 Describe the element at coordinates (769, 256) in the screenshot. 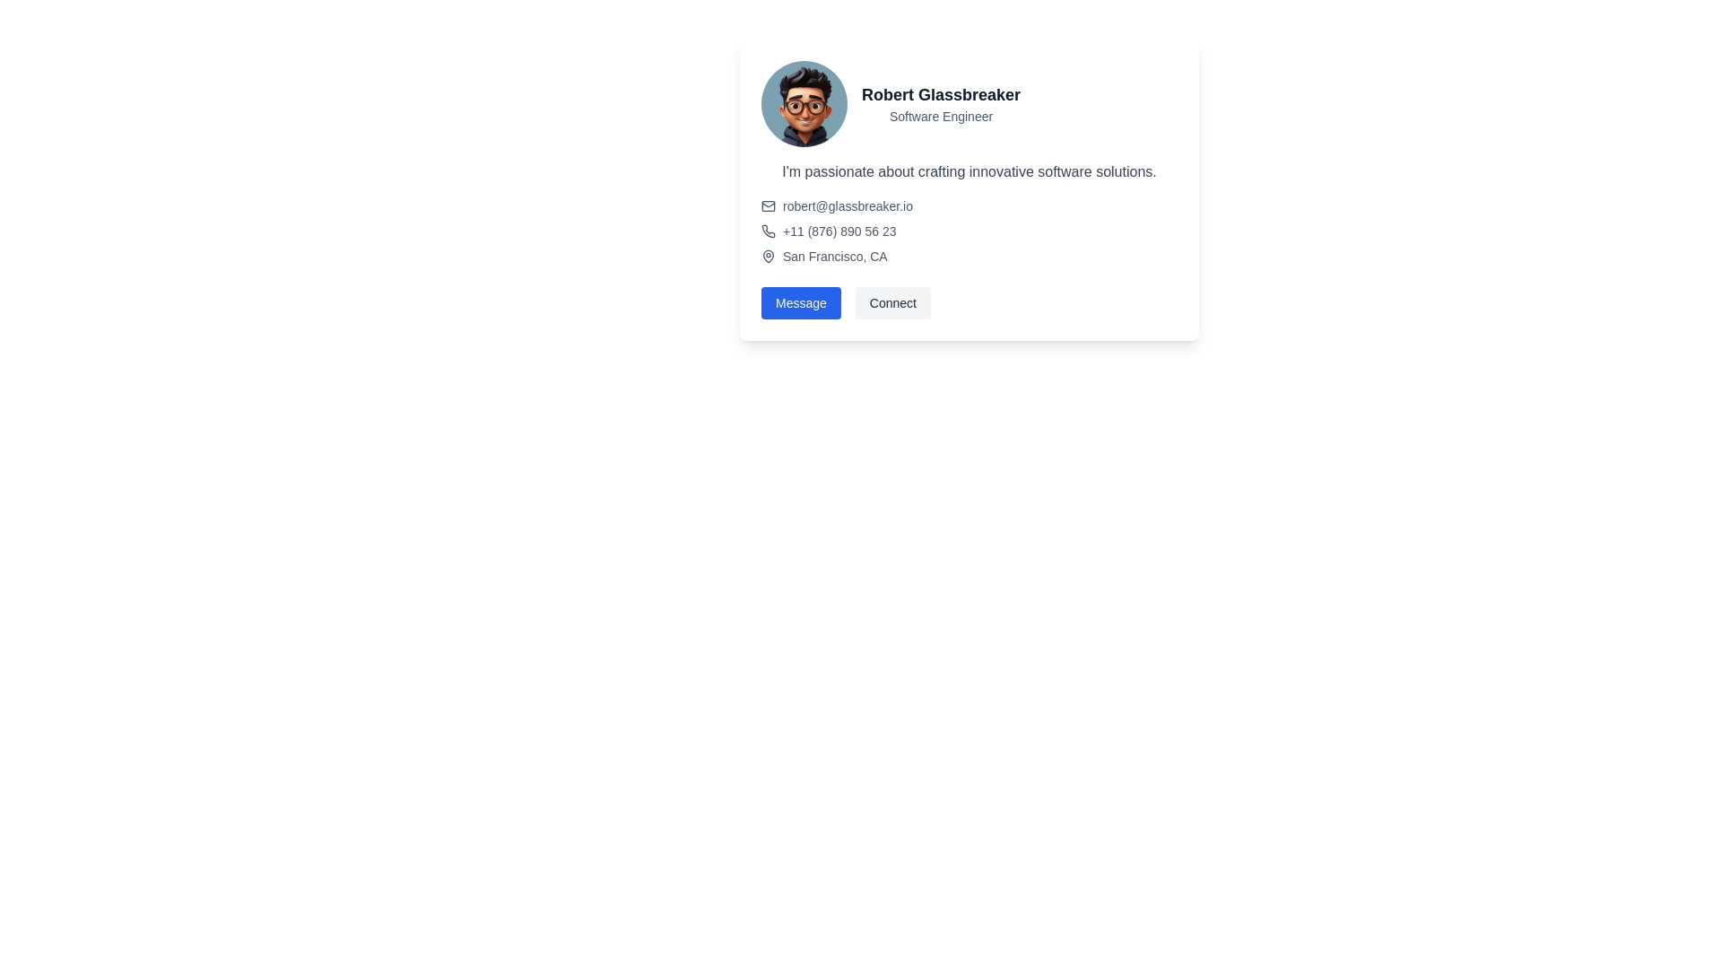

I see `the SVG map pin icon located to the left of the text 'San Francisco, CA' in the user information card` at that location.